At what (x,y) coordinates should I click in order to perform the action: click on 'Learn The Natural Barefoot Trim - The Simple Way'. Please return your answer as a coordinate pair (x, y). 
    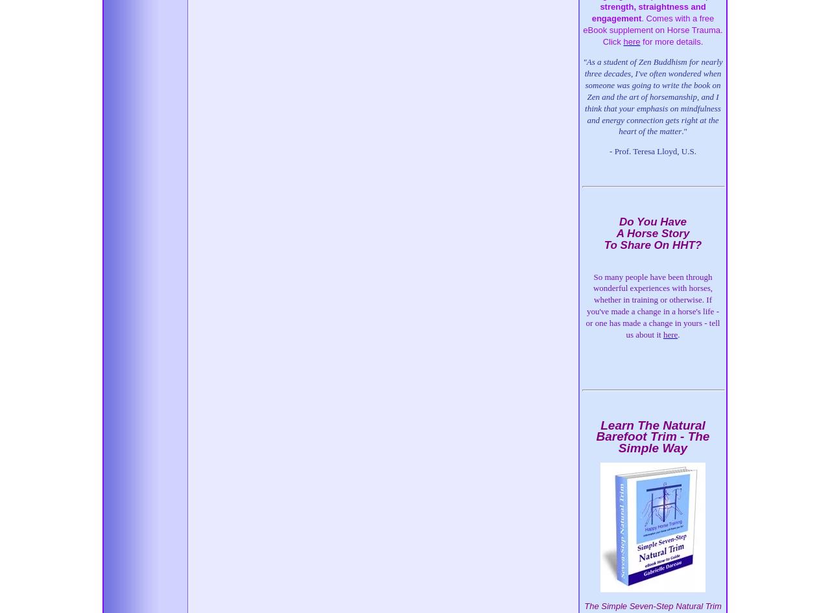
    Looking at the image, I should click on (652, 436).